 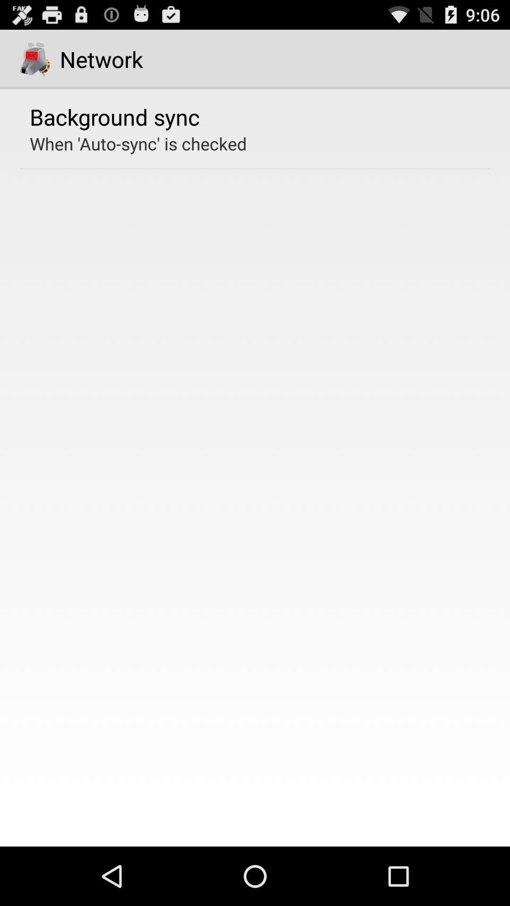 I want to click on the background sync, so click(x=114, y=116).